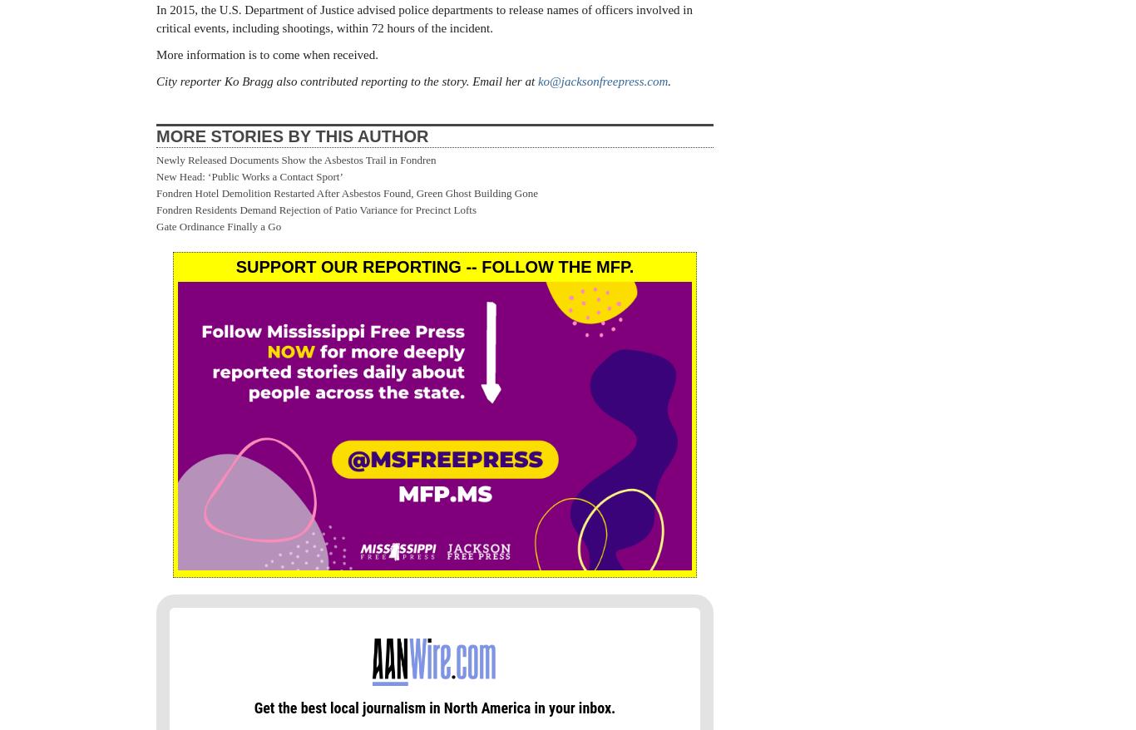 This screenshot has height=730, width=1136. What do you see at coordinates (346, 80) in the screenshot?
I see `'City reporter Ko Bragg also contributed reporting to the story. Email her at'` at bounding box center [346, 80].